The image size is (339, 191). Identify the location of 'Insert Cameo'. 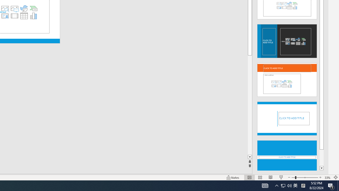
(5, 16).